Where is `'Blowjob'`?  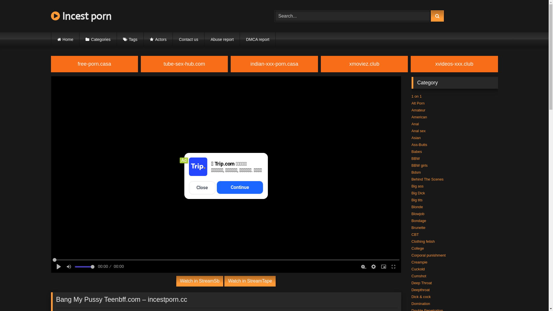
'Blowjob' is located at coordinates (418, 214).